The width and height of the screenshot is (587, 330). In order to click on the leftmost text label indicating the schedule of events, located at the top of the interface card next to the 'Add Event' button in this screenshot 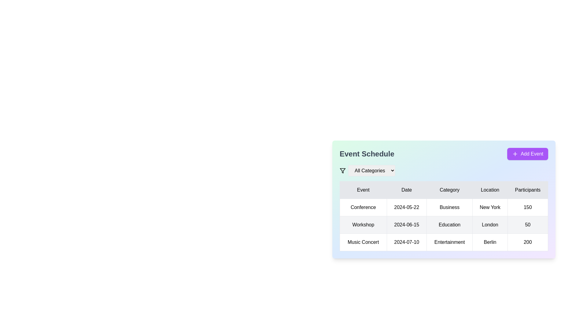, I will do `click(367, 154)`.